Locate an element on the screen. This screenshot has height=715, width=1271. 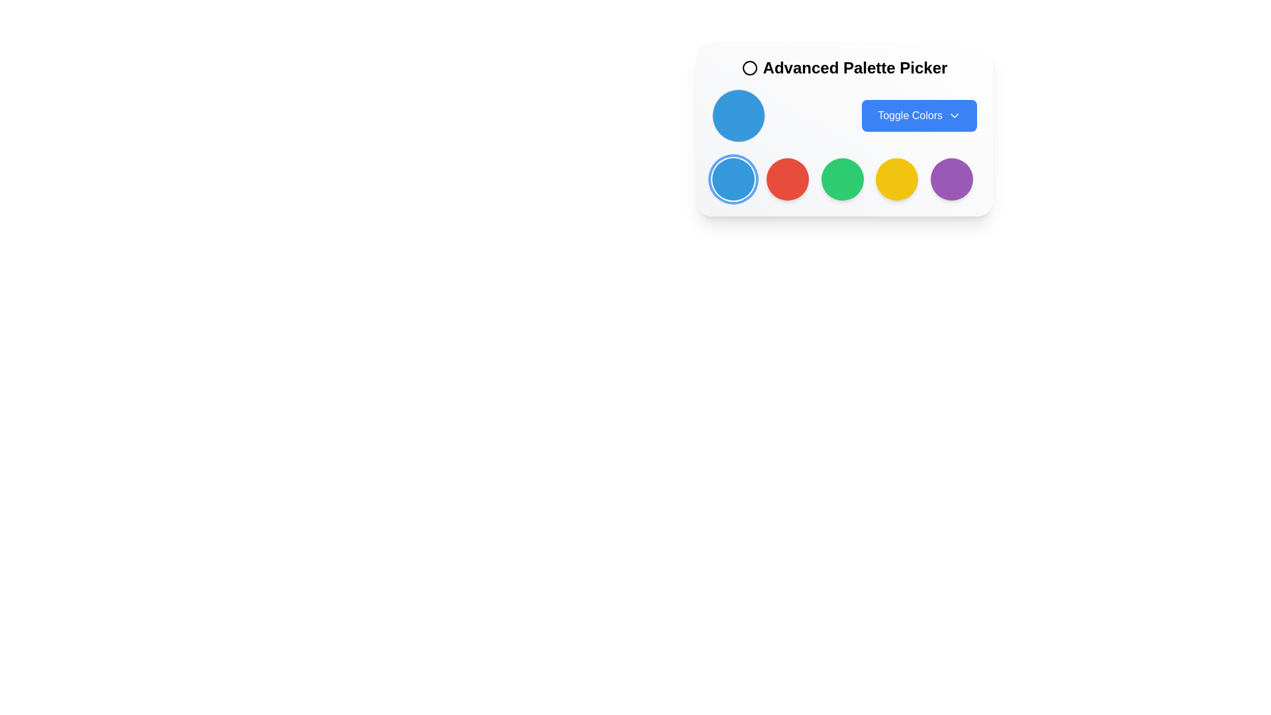
the last circular button in the color palette picker located at the bottom-right corner is located at coordinates (951, 179).